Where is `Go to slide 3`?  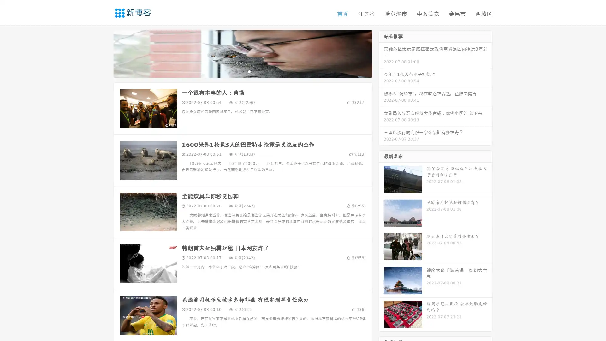 Go to slide 3 is located at coordinates (249, 71).